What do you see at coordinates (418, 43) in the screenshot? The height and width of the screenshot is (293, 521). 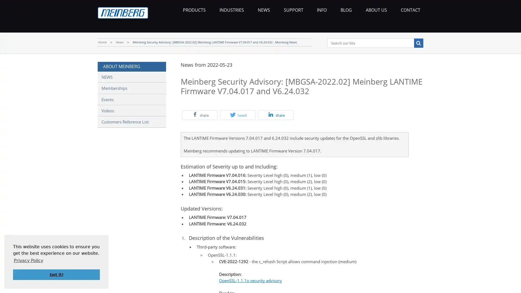 I see `Search` at bounding box center [418, 43].